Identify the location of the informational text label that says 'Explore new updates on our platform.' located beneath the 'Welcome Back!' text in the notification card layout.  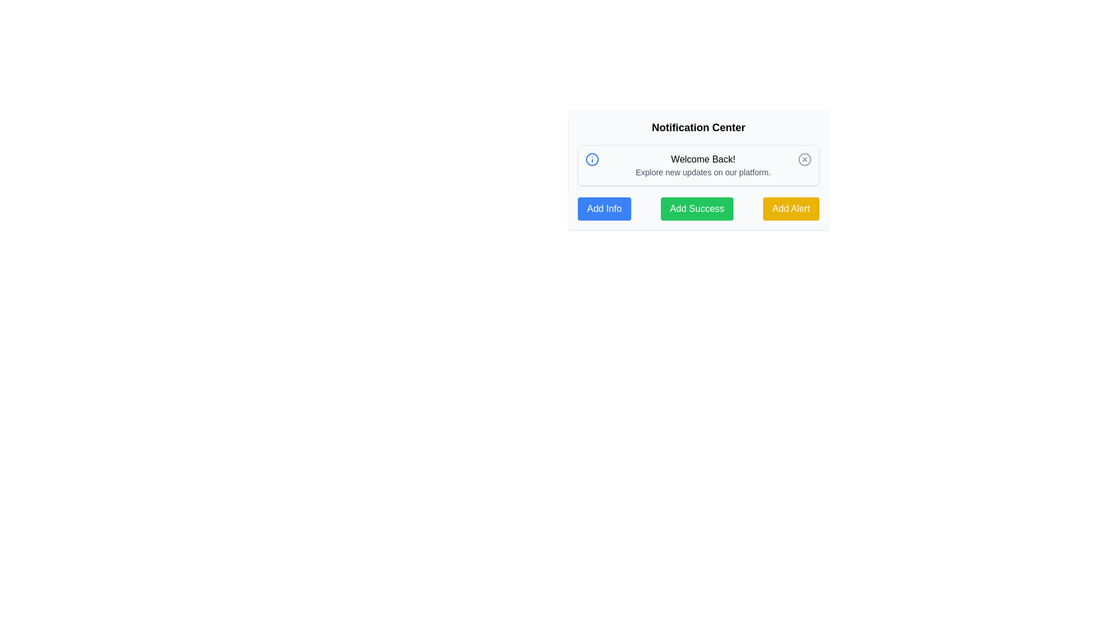
(702, 172).